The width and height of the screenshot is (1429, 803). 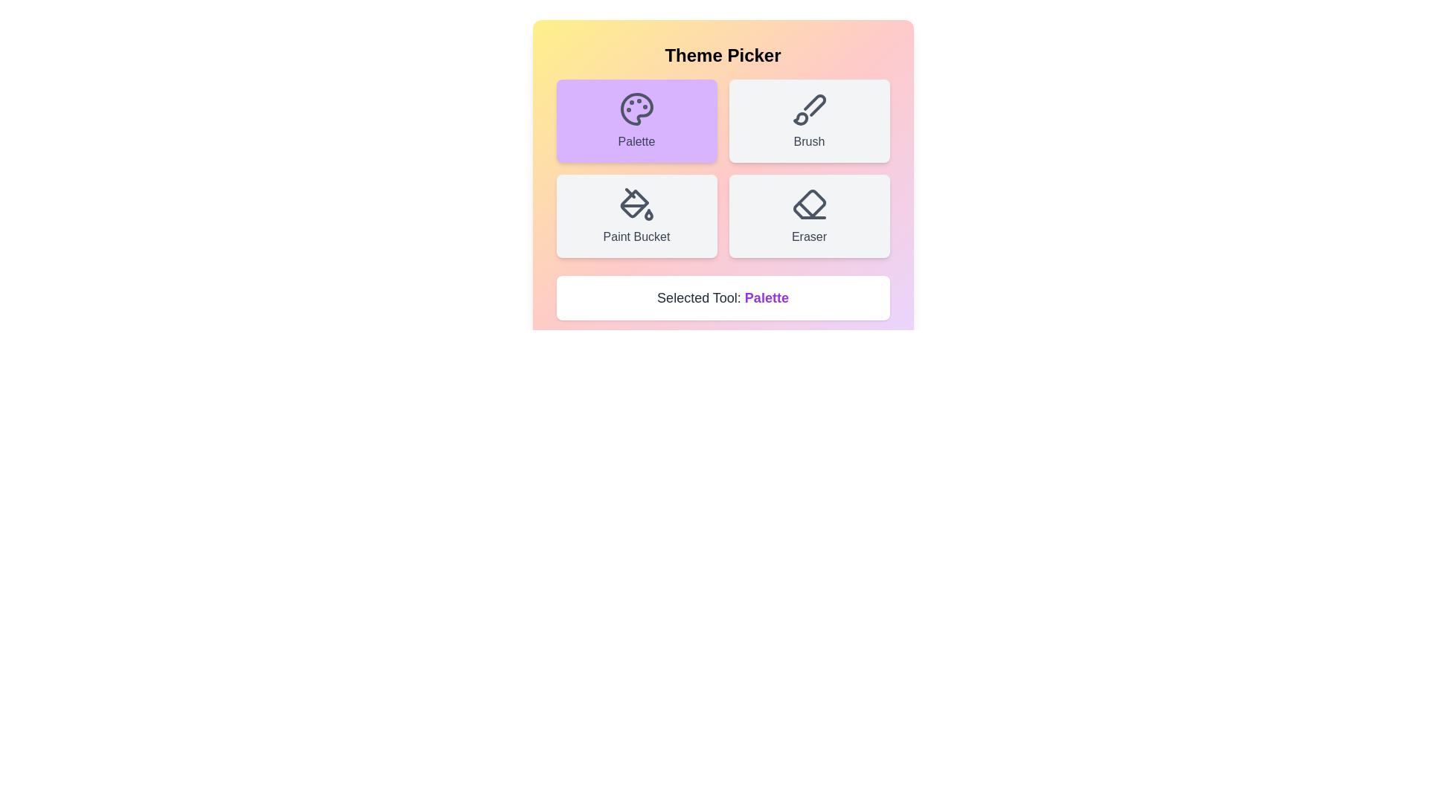 What do you see at coordinates (808, 216) in the screenshot?
I see `the tool button labeled Eraser to observe visual feedback` at bounding box center [808, 216].